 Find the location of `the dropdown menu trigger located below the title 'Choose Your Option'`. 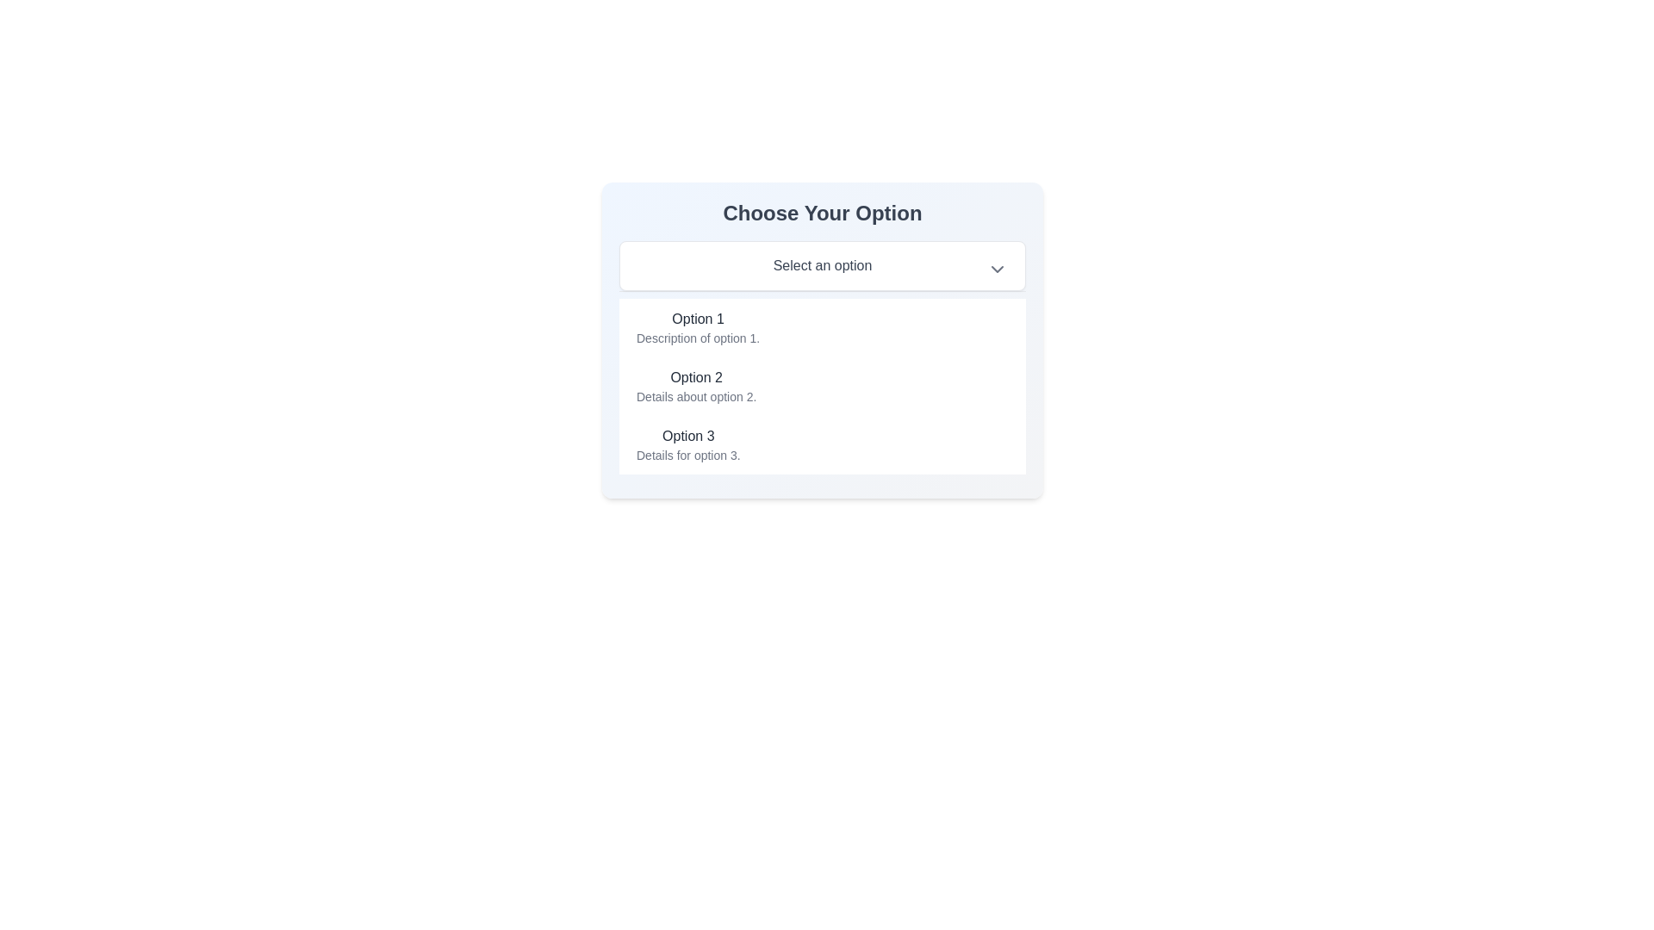

the dropdown menu trigger located below the title 'Choose Your Option' is located at coordinates (822, 265).